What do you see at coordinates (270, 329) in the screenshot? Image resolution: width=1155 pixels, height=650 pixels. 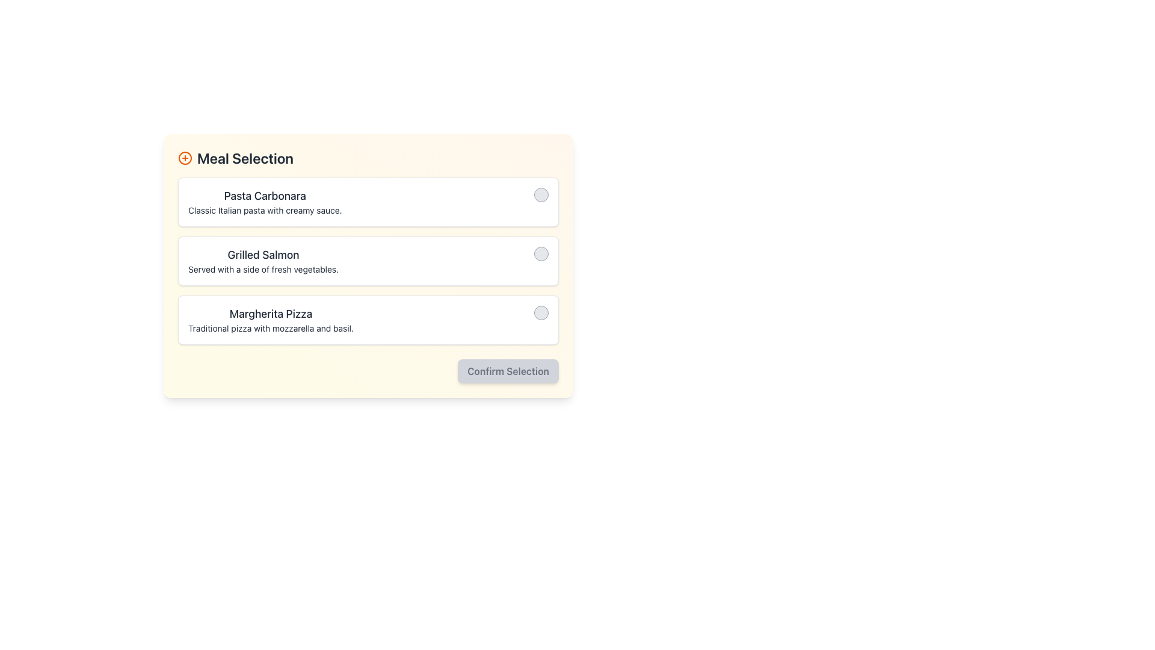 I see `the Text Label containing the description 'Traditional pizza with mozzarella and basil.' located below the title 'Margherita Pizza'` at bounding box center [270, 329].